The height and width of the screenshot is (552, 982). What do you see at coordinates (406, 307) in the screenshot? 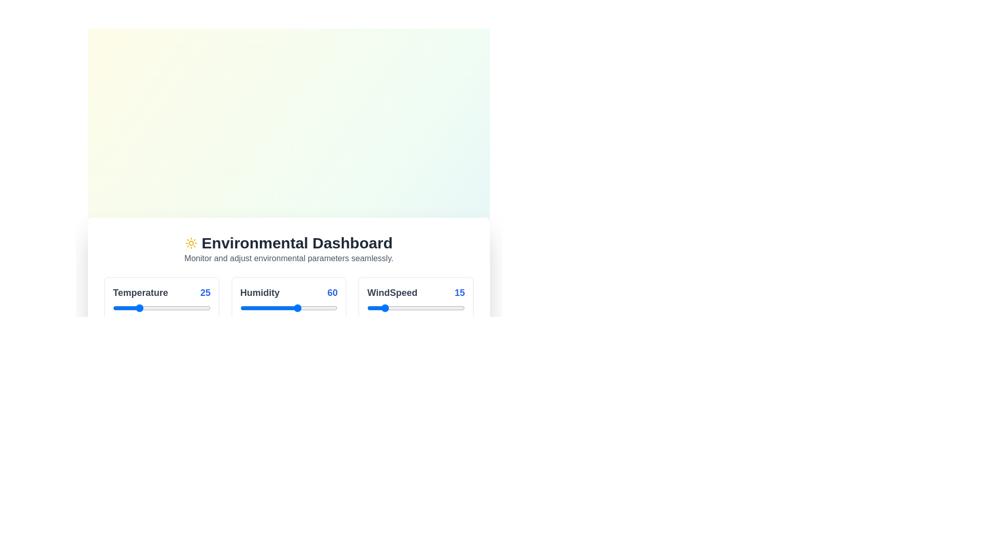
I see `the Wind Speed slider` at bounding box center [406, 307].